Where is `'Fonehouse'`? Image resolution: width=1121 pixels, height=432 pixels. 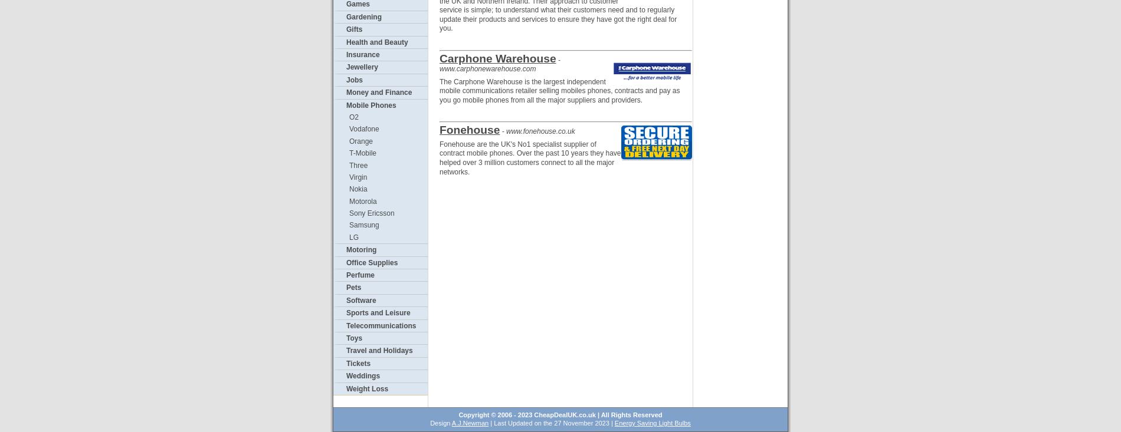
'Fonehouse' is located at coordinates (468, 129).